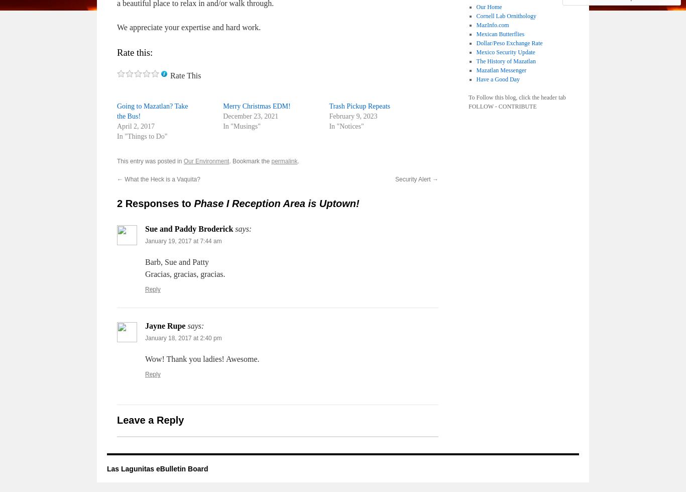  What do you see at coordinates (250, 161) in the screenshot?
I see `'. Bookmark the'` at bounding box center [250, 161].